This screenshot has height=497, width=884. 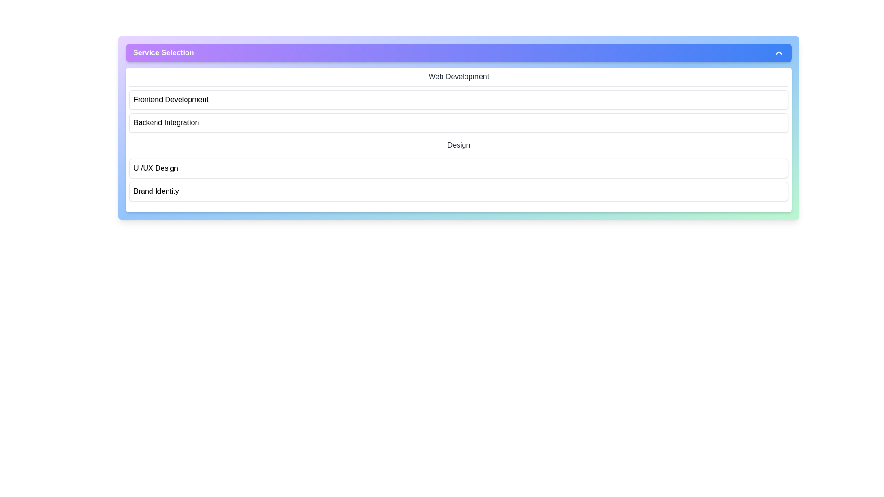 What do you see at coordinates (166, 122) in the screenshot?
I see `the text label reading 'Backend Integration' which is the second item in a vertical list under the 'Service Selection' header` at bounding box center [166, 122].